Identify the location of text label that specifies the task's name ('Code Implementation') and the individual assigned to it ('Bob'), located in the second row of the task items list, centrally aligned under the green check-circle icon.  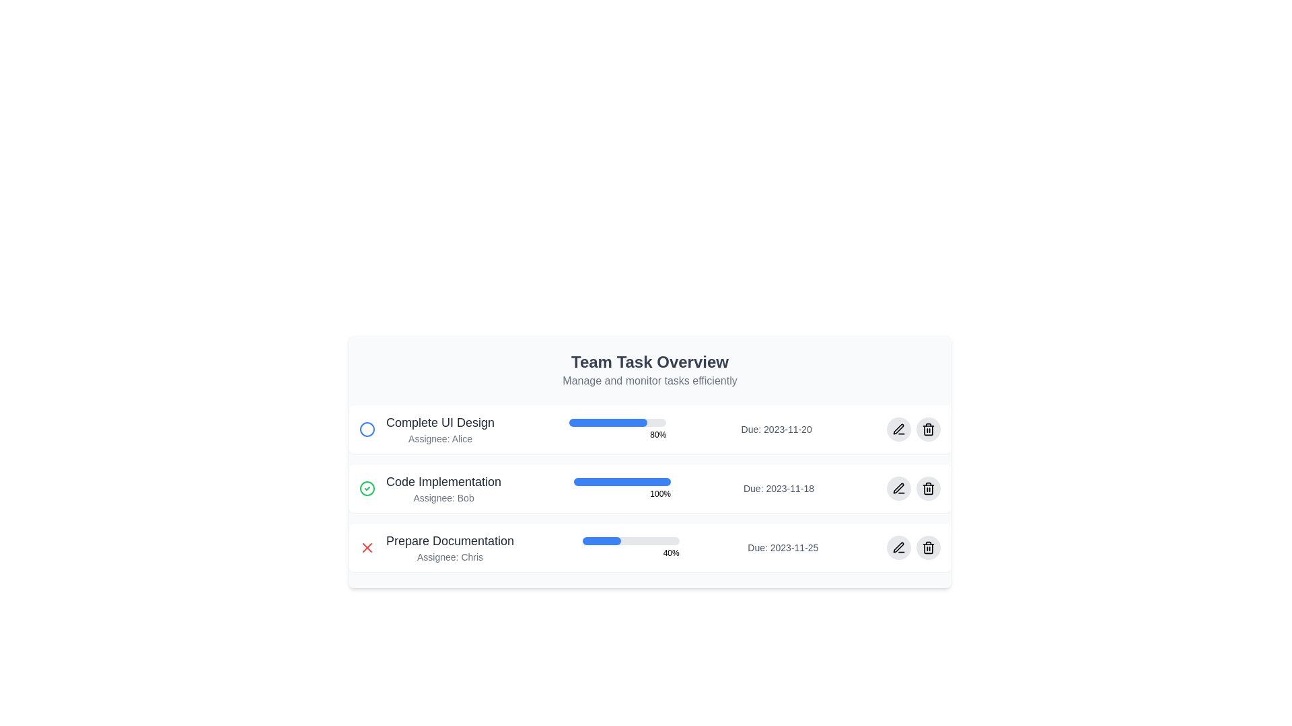
(443, 488).